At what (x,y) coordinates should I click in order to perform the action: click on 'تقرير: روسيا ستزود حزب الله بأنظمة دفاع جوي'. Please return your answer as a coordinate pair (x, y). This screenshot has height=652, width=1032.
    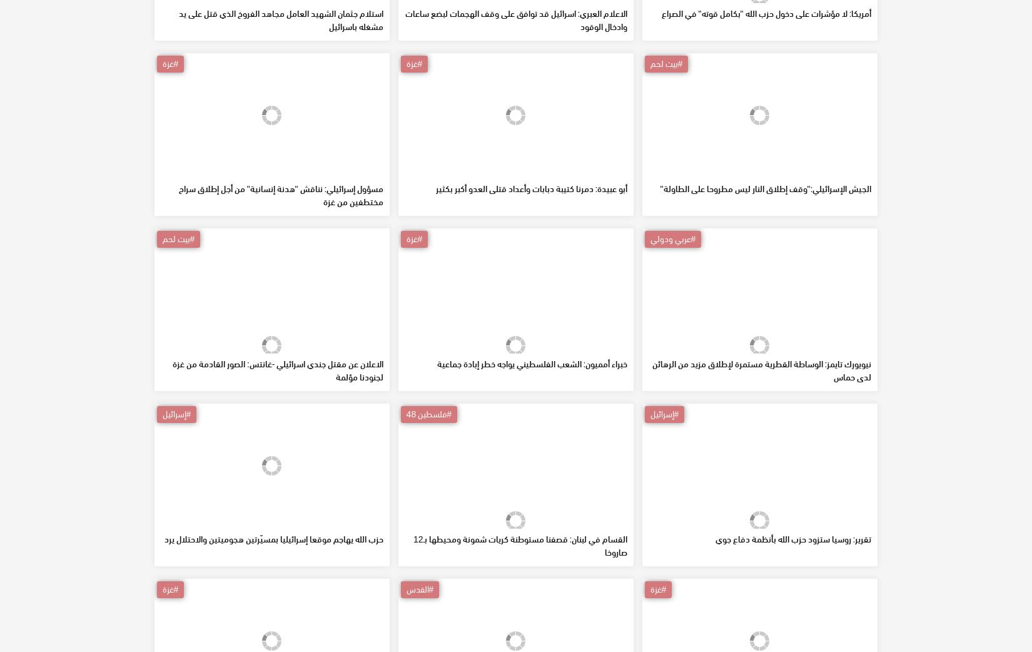
    Looking at the image, I should click on (792, 629).